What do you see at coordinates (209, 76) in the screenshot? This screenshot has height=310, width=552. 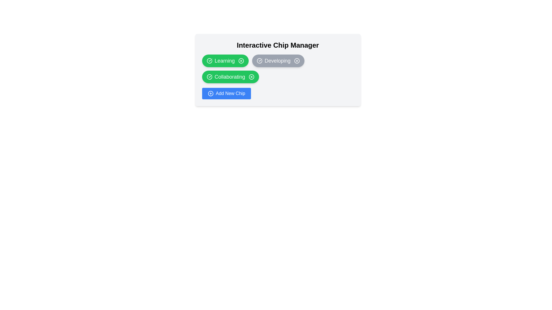 I see `the visual indicator icon located` at bounding box center [209, 76].